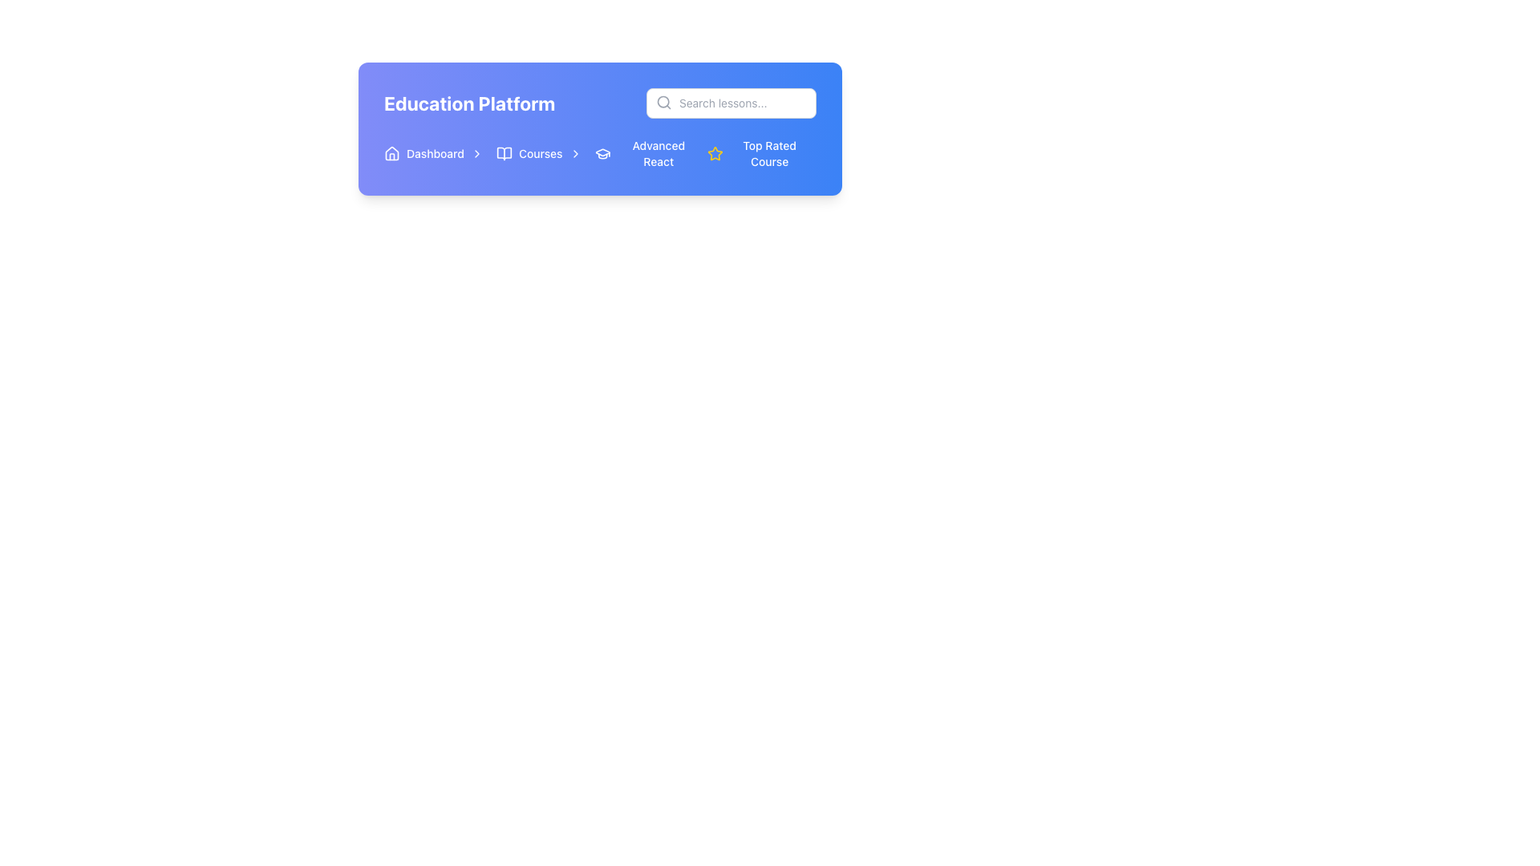  I want to click on the search input field with placeholder text 'Search lessons...' located in the top-right corner of the header bar, so click(731, 103).